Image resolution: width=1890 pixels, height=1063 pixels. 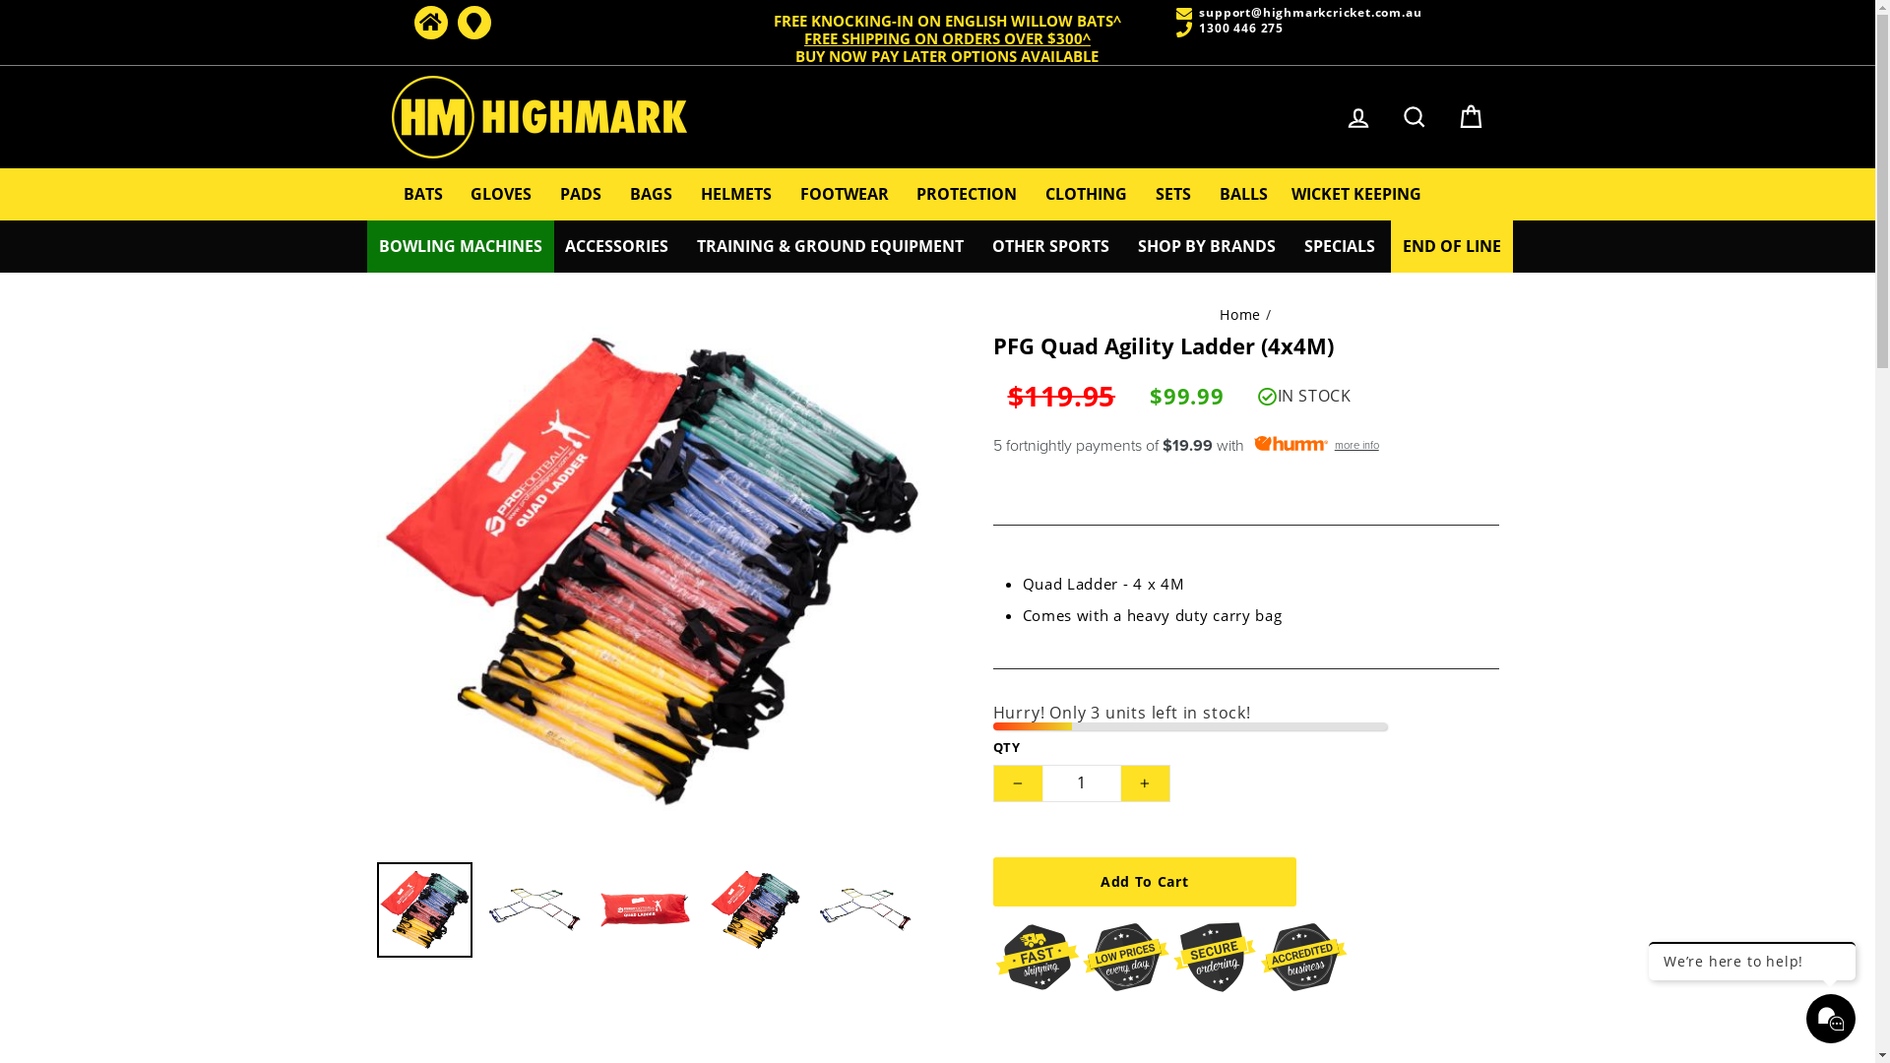 What do you see at coordinates (1242, 194) in the screenshot?
I see `'BALLS'` at bounding box center [1242, 194].